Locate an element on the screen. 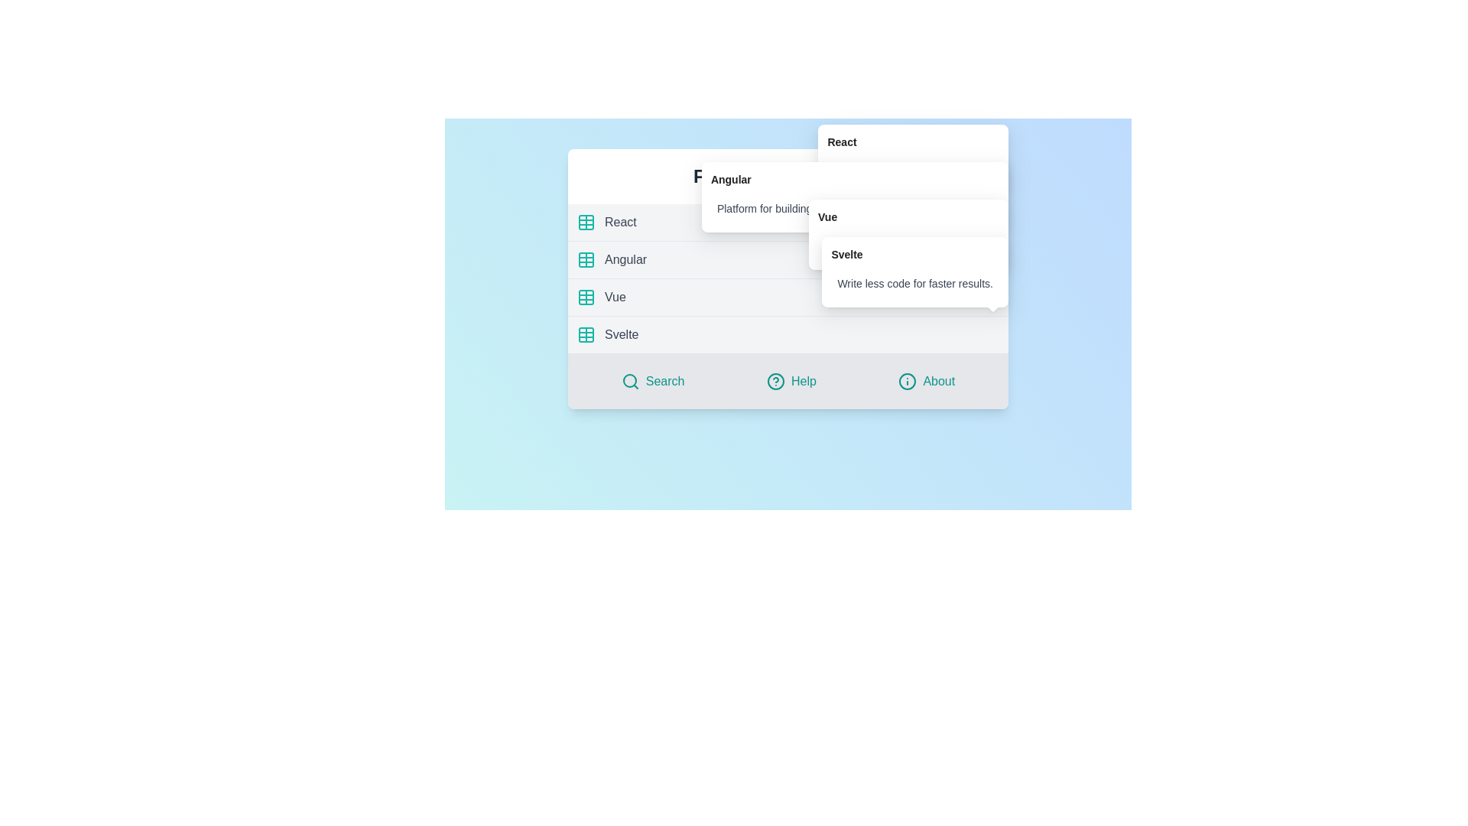 This screenshot has width=1468, height=826. the search function icon located to the left of the text 'Search' in the bottom center navigation section is located at coordinates (630, 380).